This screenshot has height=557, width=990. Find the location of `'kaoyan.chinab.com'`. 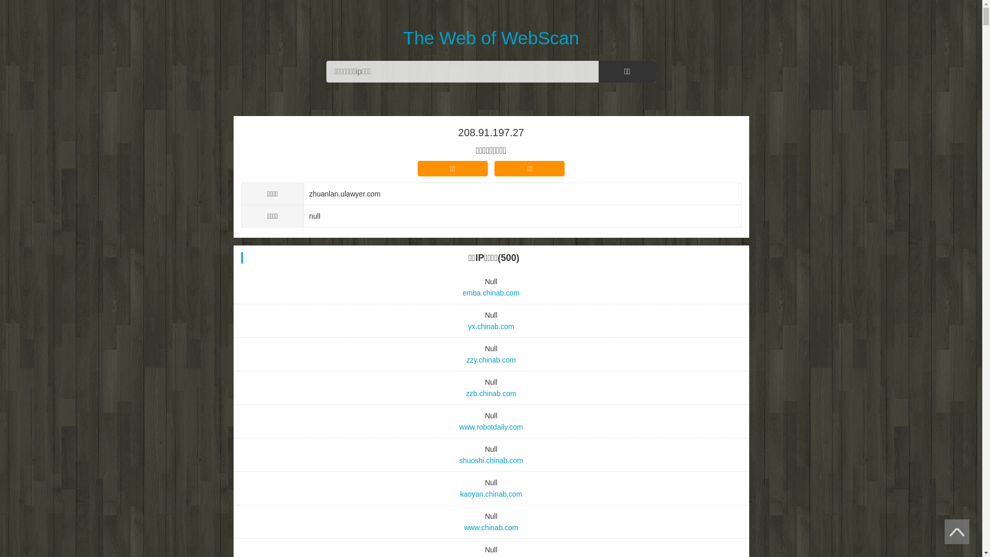

'kaoyan.chinab.com' is located at coordinates (491, 493).